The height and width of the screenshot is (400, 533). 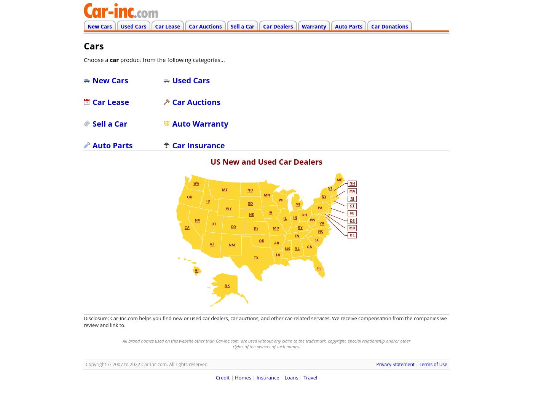 I want to click on 'Auto Parts', so click(x=112, y=145).